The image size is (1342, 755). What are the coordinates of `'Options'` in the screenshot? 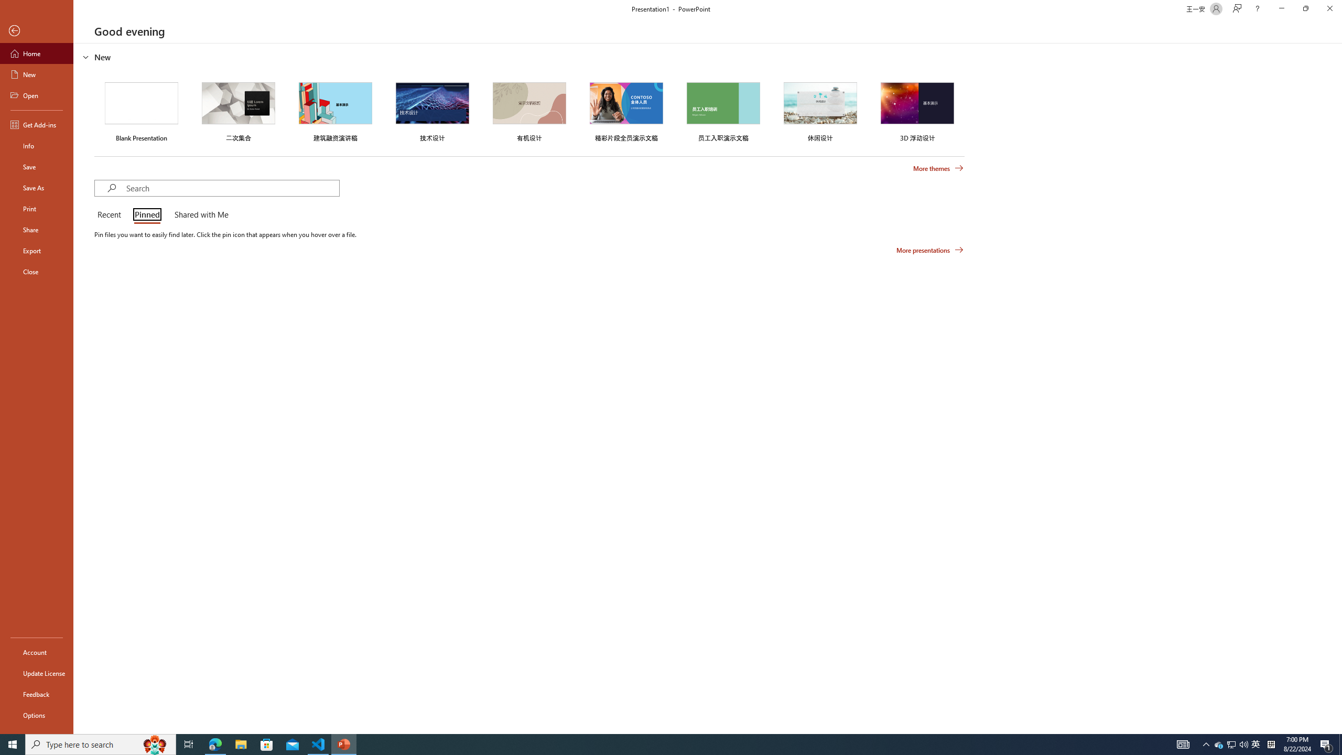 It's located at (36, 715).